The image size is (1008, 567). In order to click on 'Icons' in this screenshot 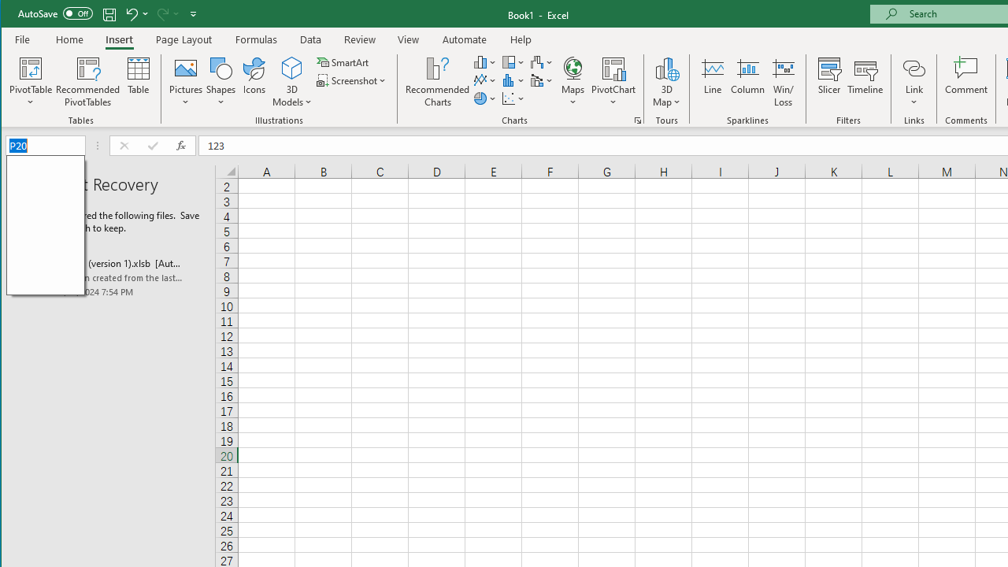, I will do `click(254, 82)`.